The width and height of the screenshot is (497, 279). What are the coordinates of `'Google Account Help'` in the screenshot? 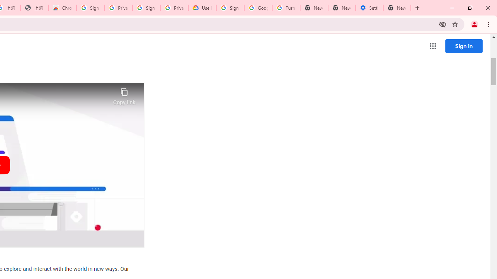 It's located at (258, 8).